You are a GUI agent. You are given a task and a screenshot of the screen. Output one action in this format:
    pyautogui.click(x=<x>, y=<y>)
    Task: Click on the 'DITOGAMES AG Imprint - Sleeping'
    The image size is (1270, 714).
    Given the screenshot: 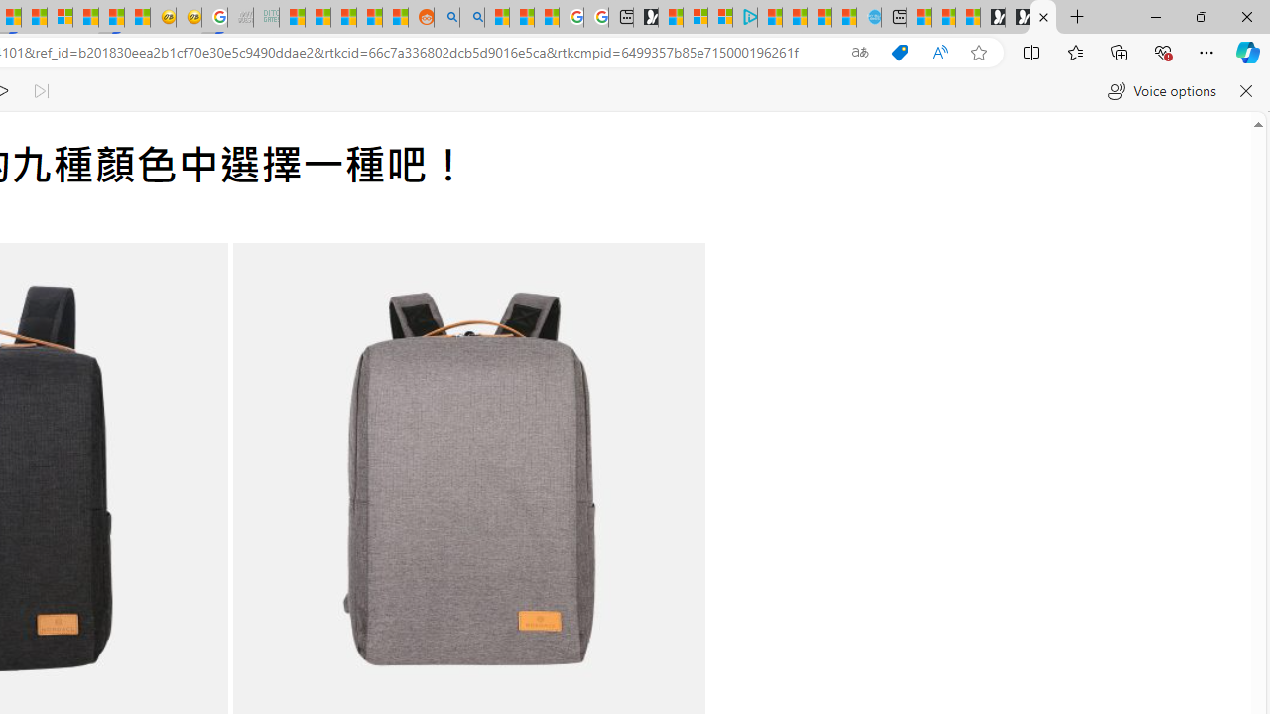 What is the action you would take?
    pyautogui.click(x=265, y=17)
    